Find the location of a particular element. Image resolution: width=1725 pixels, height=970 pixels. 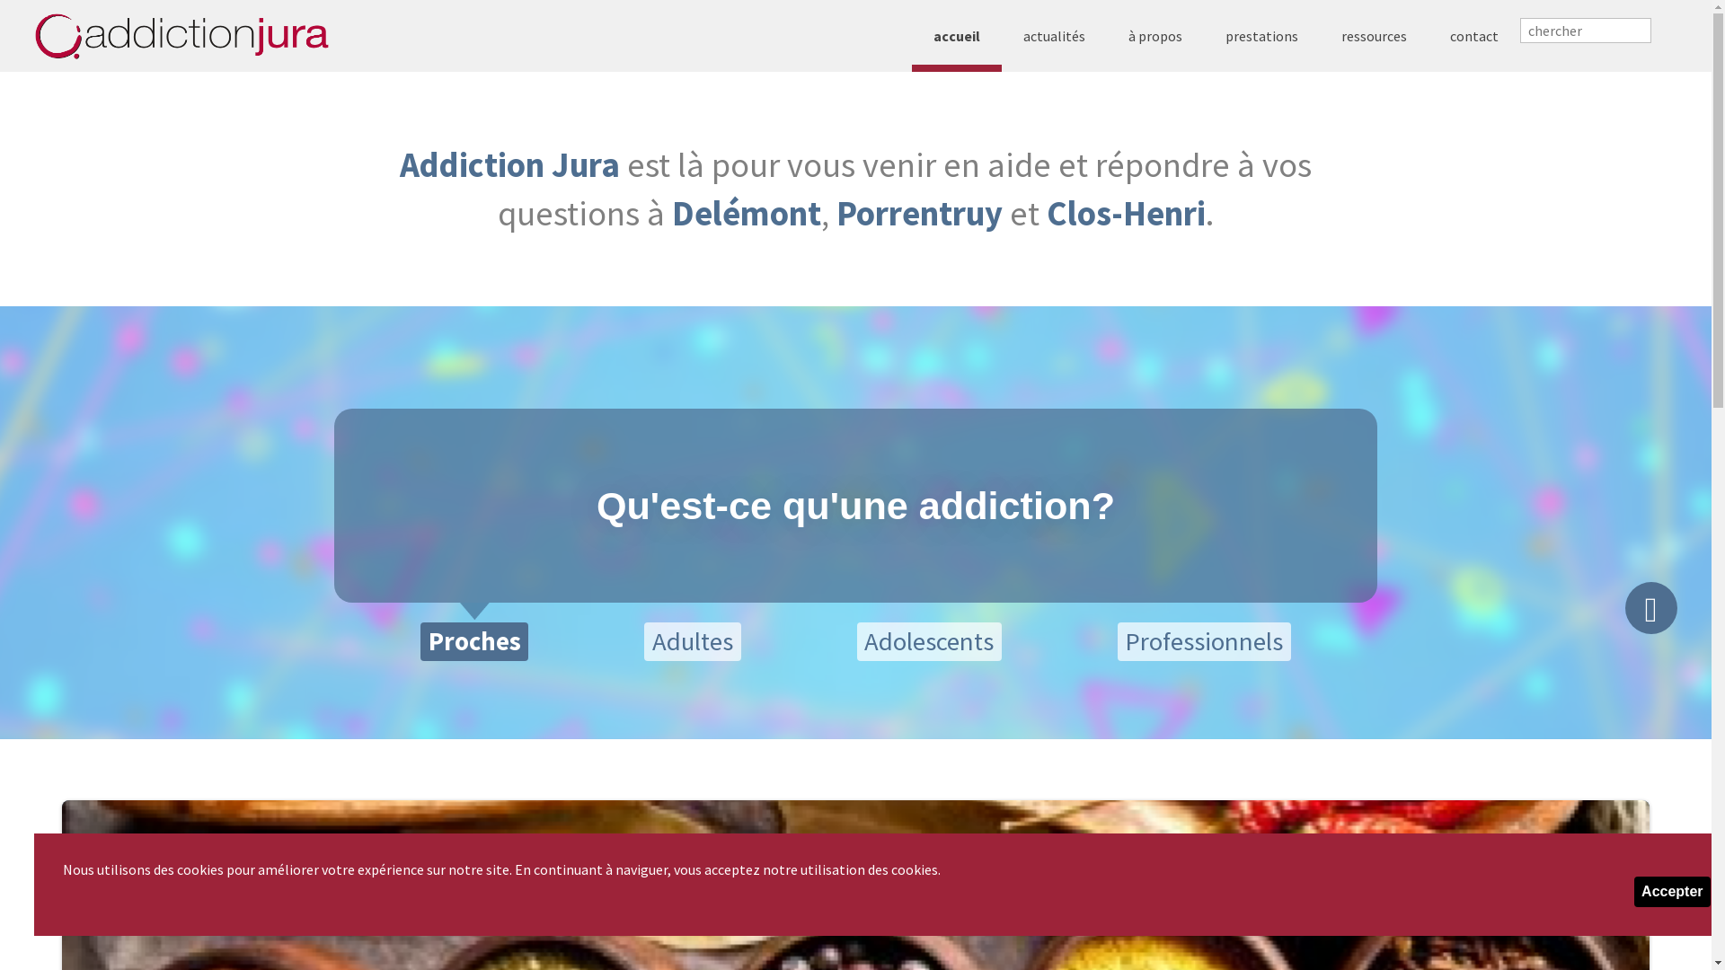

'Professionnels' is located at coordinates (1204, 639).